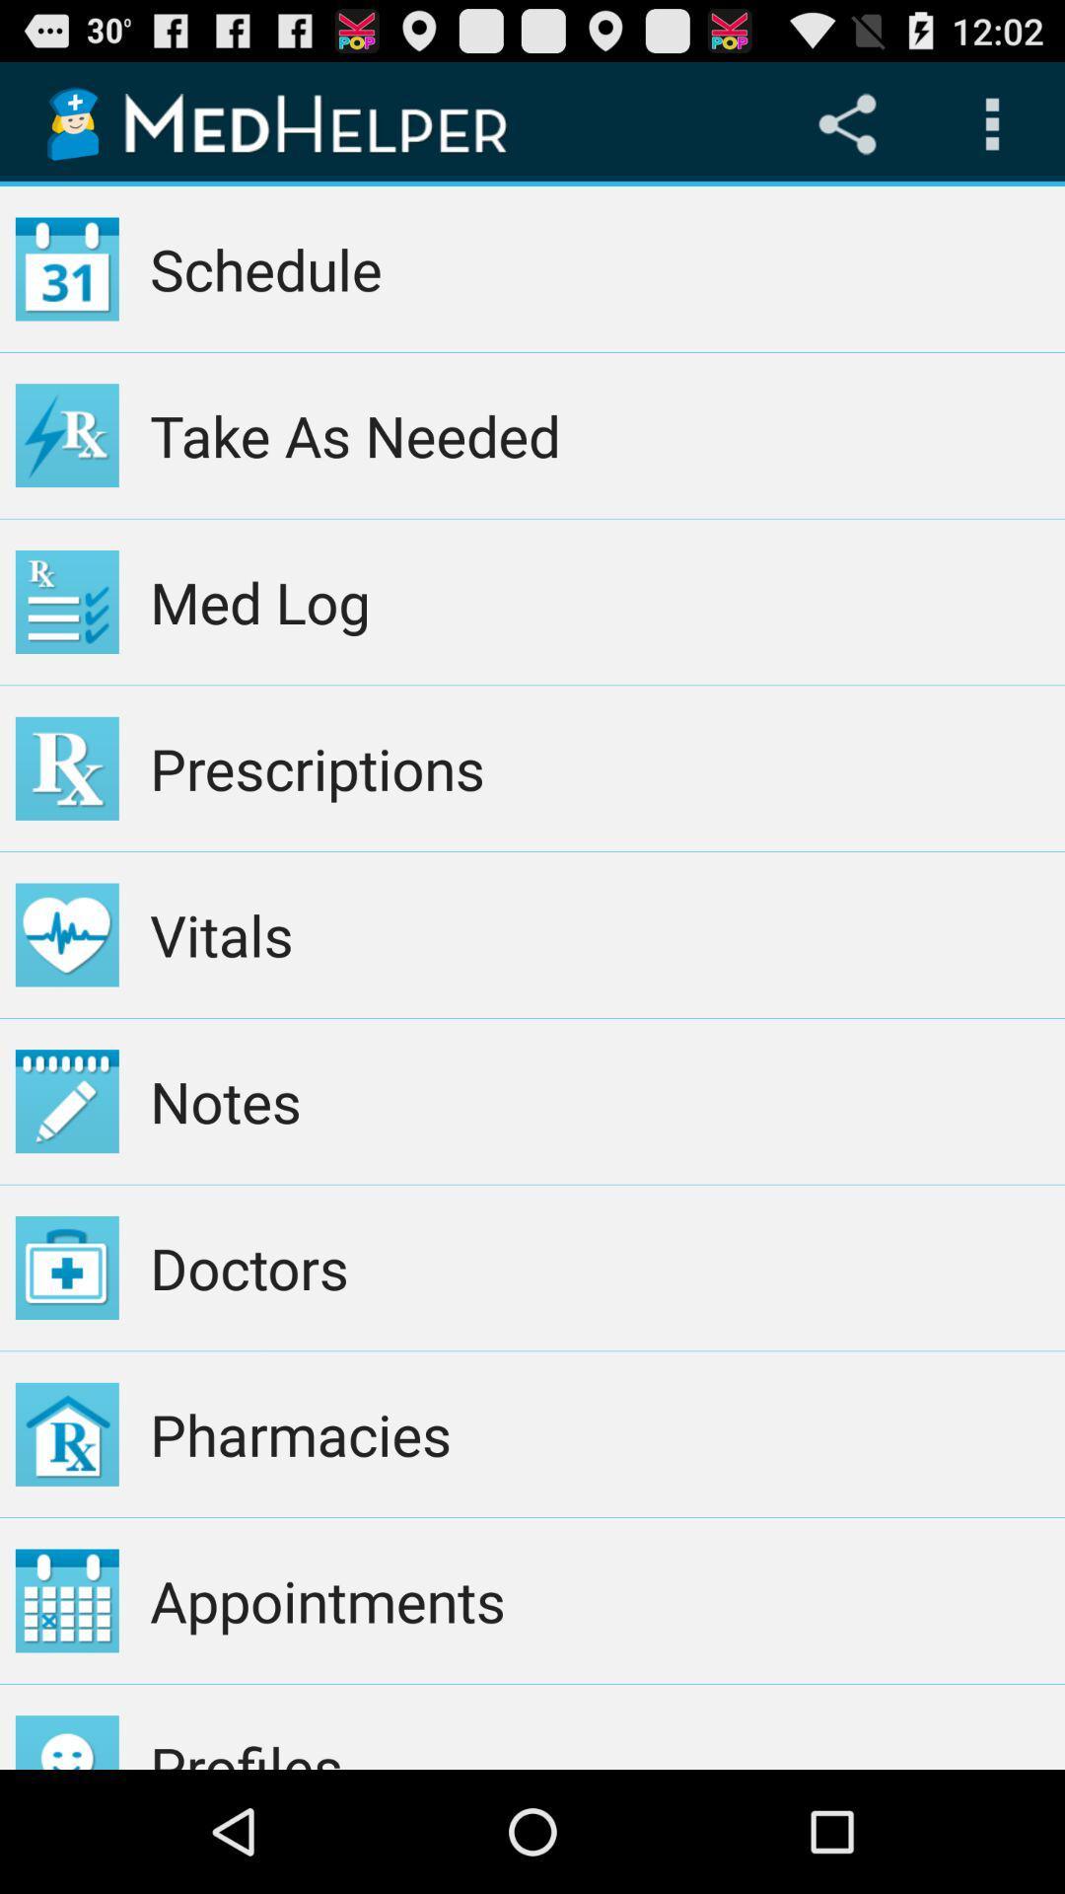 The height and width of the screenshot is (1894, 1065). Describe the element at coordinates (599, 1100) in the screenshot. I see `the item above the doctors app` at that location.